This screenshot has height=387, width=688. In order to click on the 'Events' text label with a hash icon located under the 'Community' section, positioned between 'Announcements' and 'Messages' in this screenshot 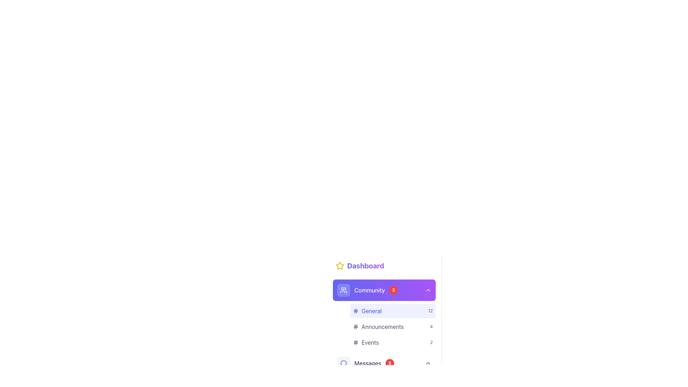, I will do `click(366, 342)`.